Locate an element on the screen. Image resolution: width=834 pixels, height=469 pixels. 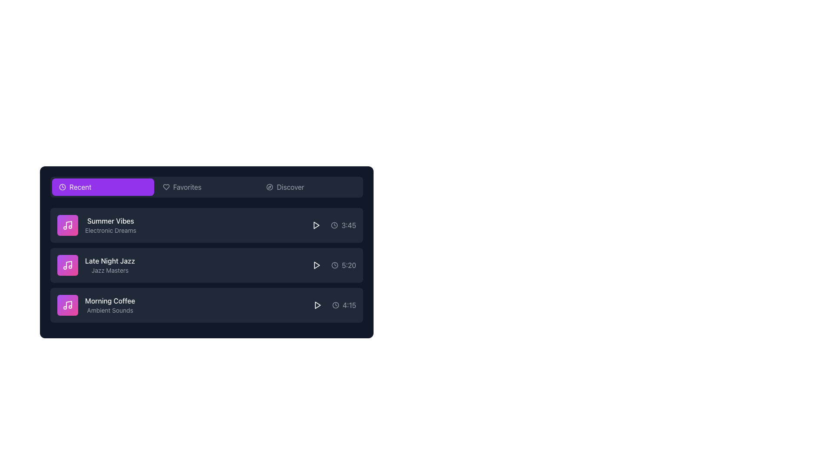
the square icon with a gradient background transitioning from purple to pink, featuring a white music note symbol, located under the 'Morning Coffee Ambient Sounds' group is located at coordinates (67, 304).